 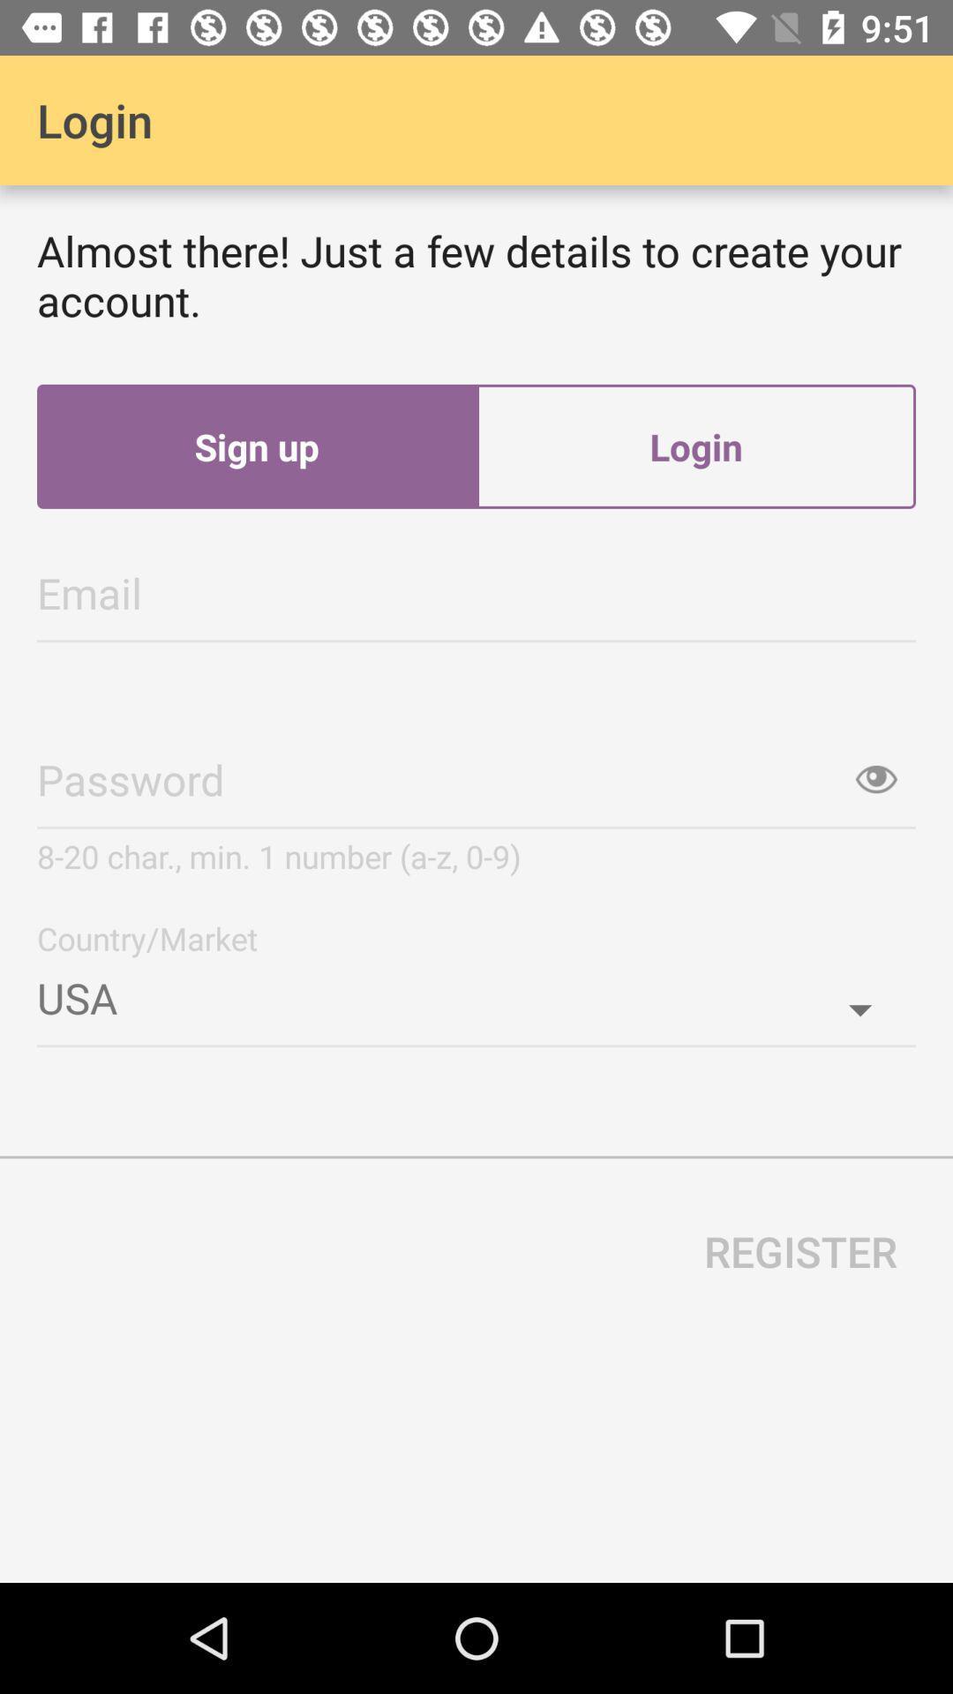 I want to click on item at the bottom right corner, so click(x=800, y=1250).